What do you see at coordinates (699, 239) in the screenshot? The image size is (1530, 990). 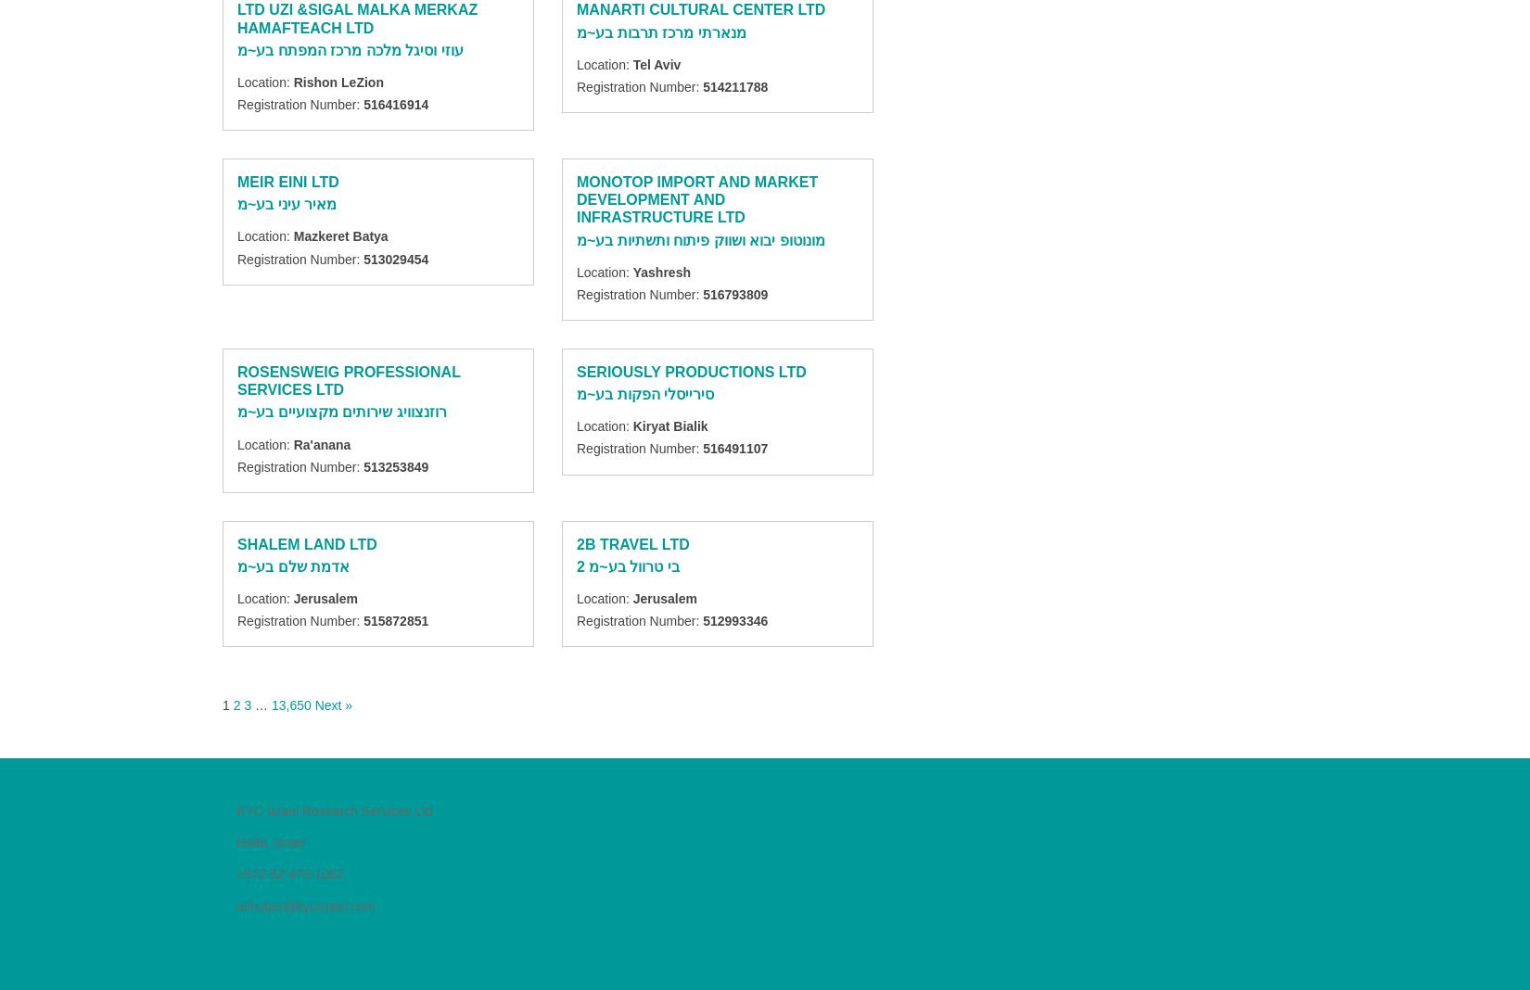 I see `'מונוטופ יבוא ושווק פיתוח ותשתיות  בע~מ'` at bounding box center [699, 239].